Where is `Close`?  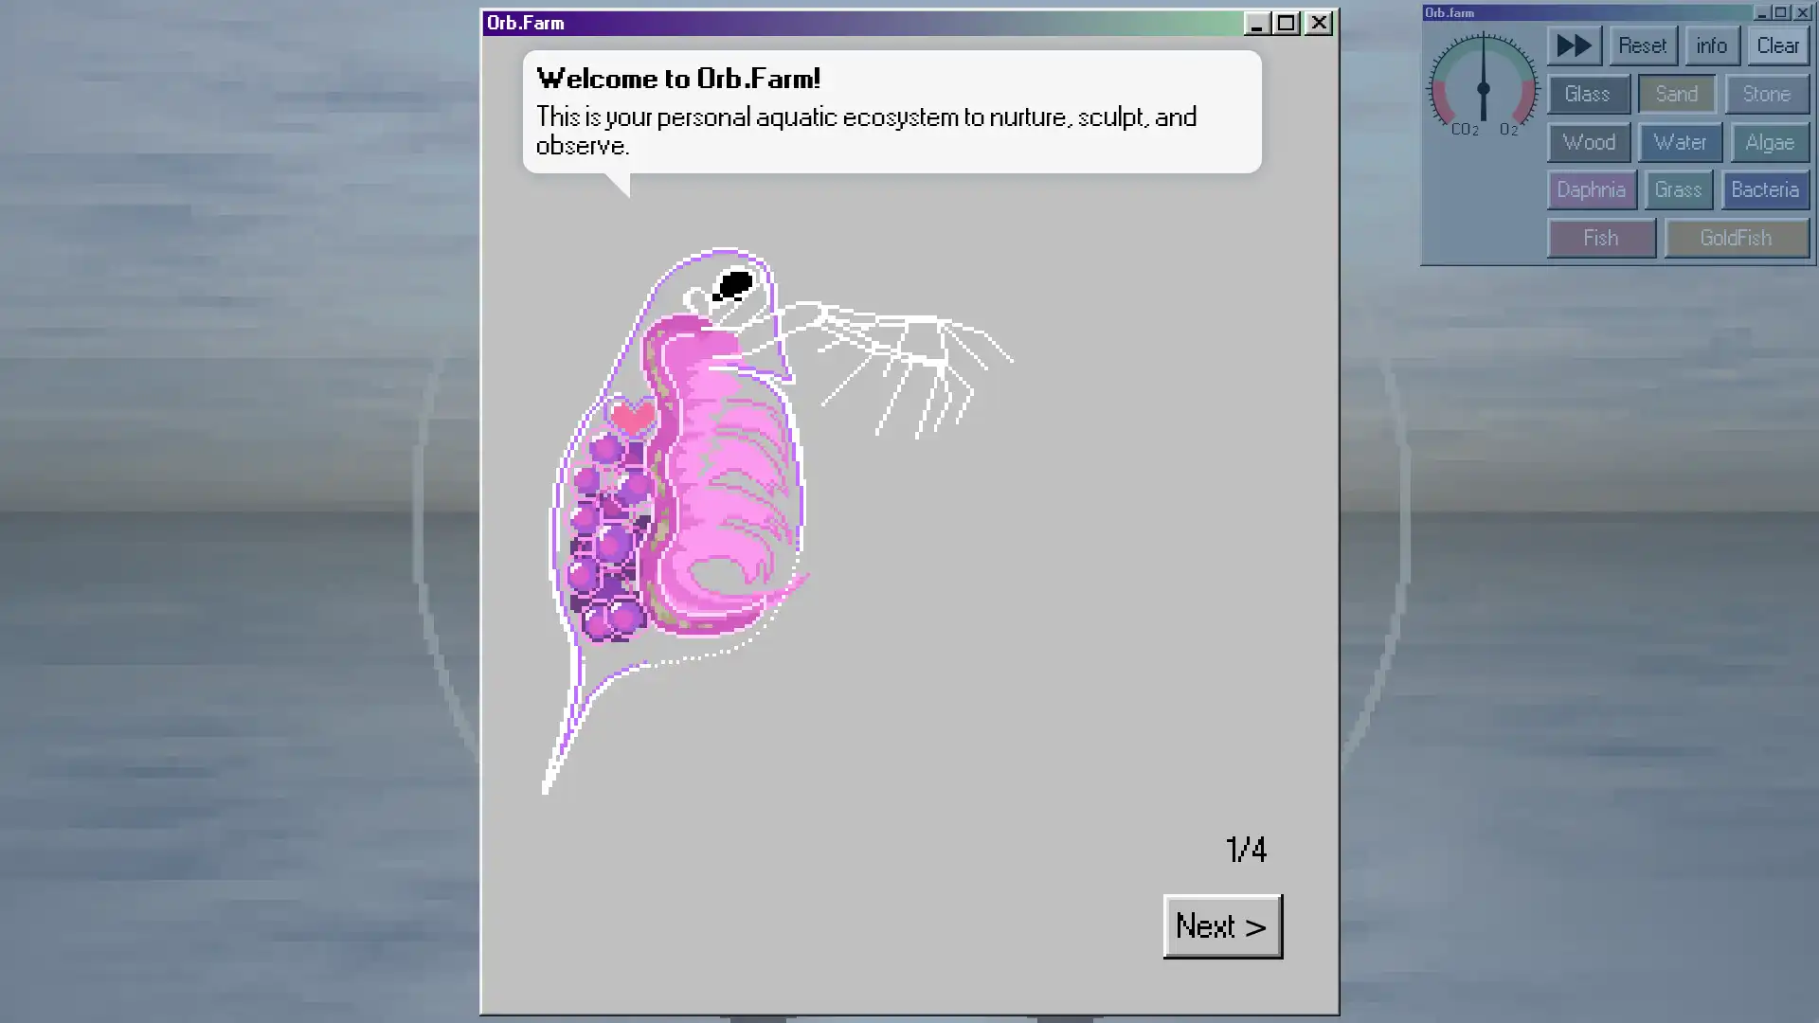 Close is located at coordinates (1440, 9).